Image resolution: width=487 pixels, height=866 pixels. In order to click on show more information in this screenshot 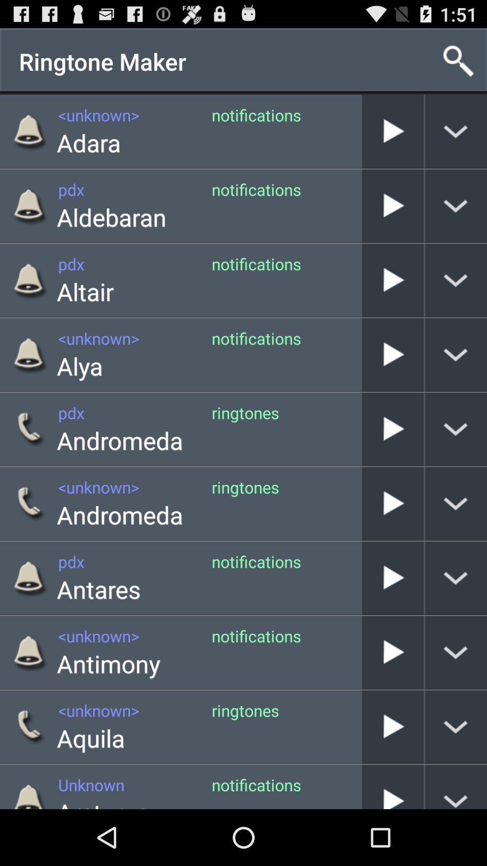, I will do `click(456, 205)`.